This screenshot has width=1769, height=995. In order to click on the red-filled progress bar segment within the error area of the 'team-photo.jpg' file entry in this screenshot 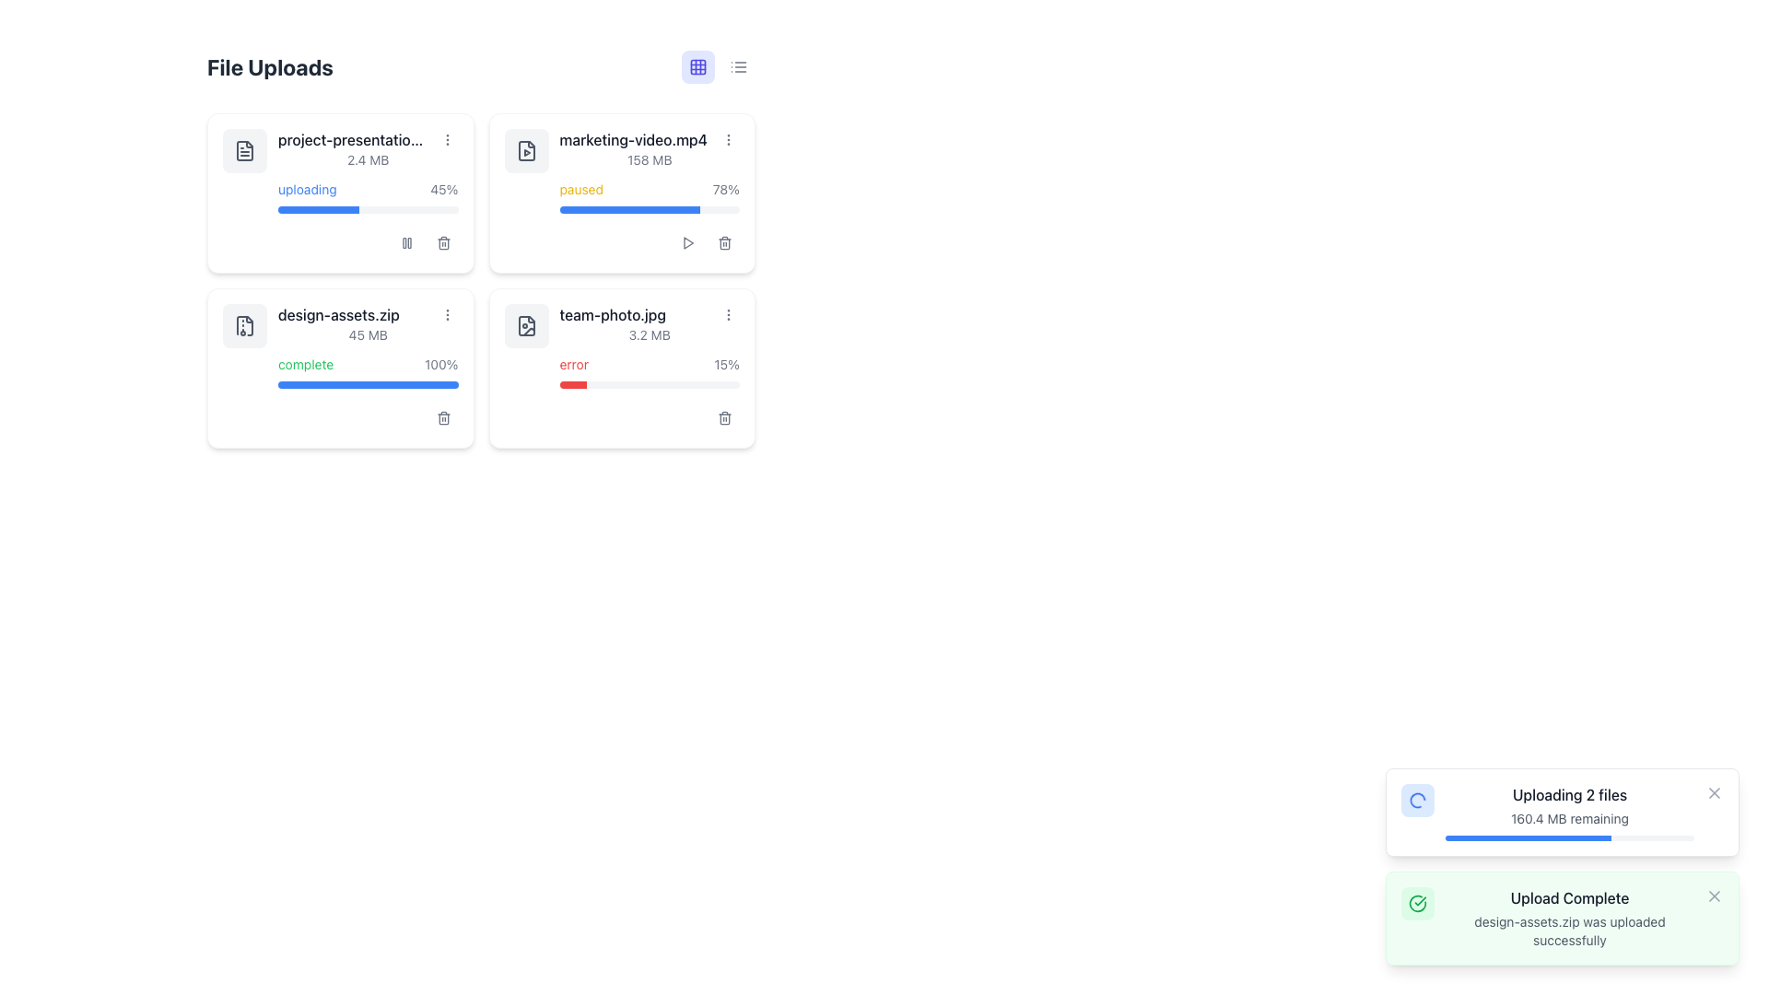, I will do `click(572, 383)`.